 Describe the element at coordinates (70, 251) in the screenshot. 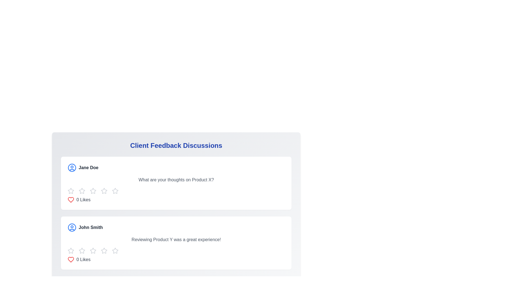

I see `the first star in the rating system under the user review titled 'John Smith', which is visually represented as a gray star indicating an unselected state` at that location.